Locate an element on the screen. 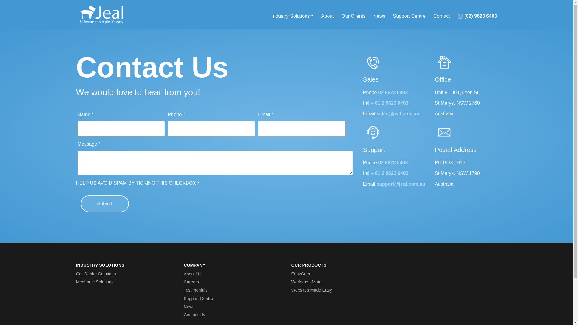 The width and height of the screenshot is (578, 325). 'Workshop Mate' is located at coordinates (291, 282).